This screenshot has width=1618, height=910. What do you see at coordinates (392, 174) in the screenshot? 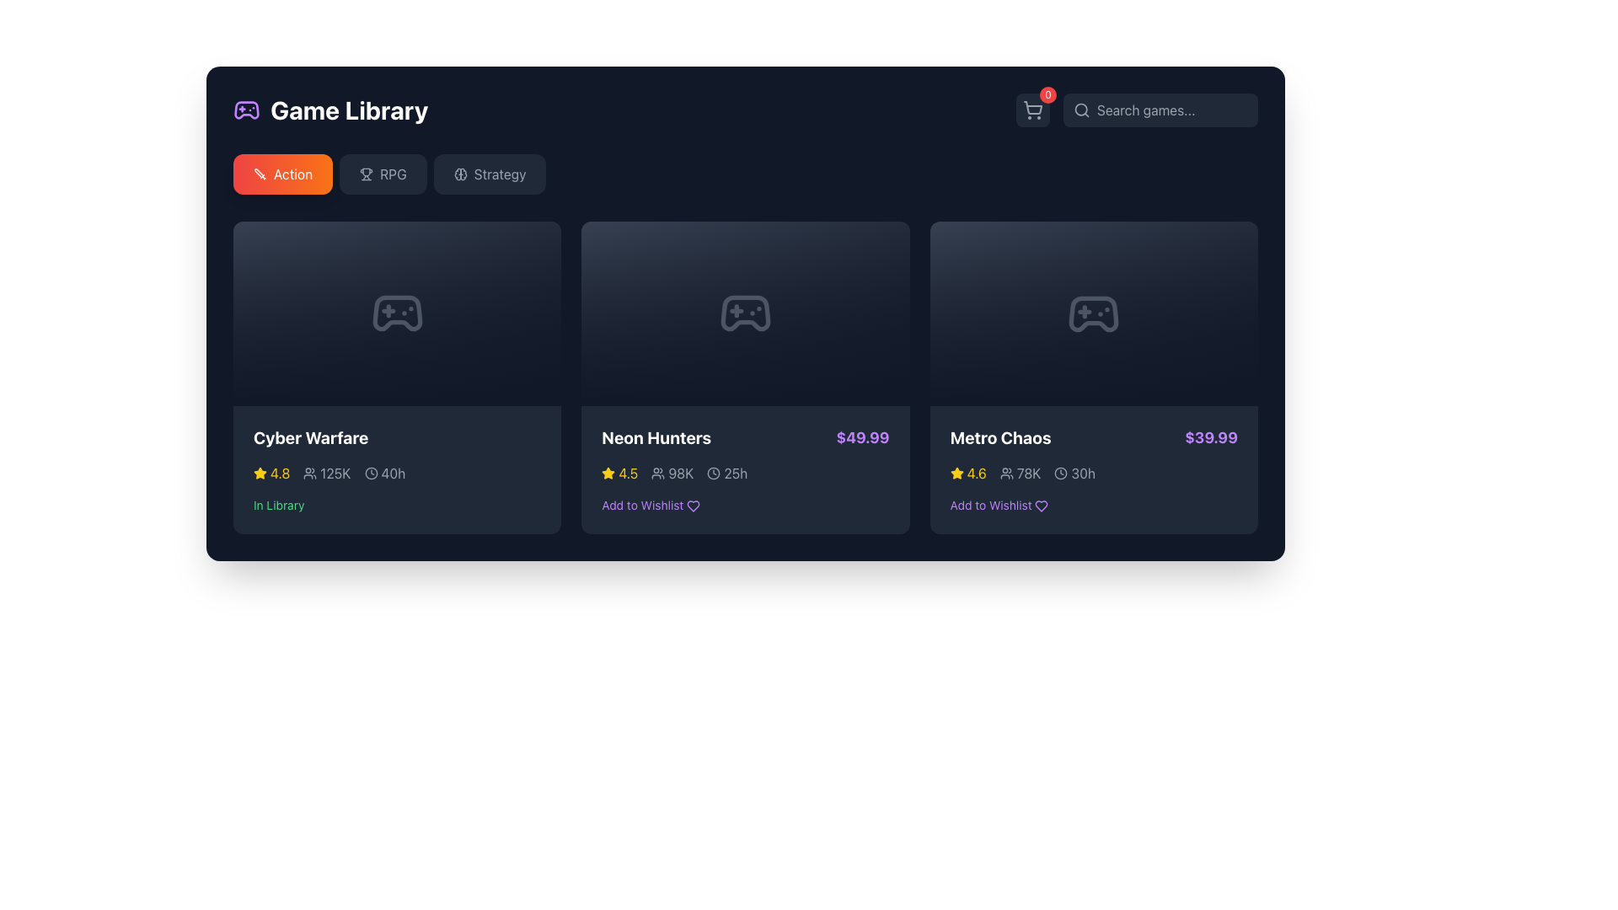
I see `the RPG category selector button located between the Action and Strategy buttons in the genre selection row to filter games by the RPG genre` at bounding box center [392, 174].